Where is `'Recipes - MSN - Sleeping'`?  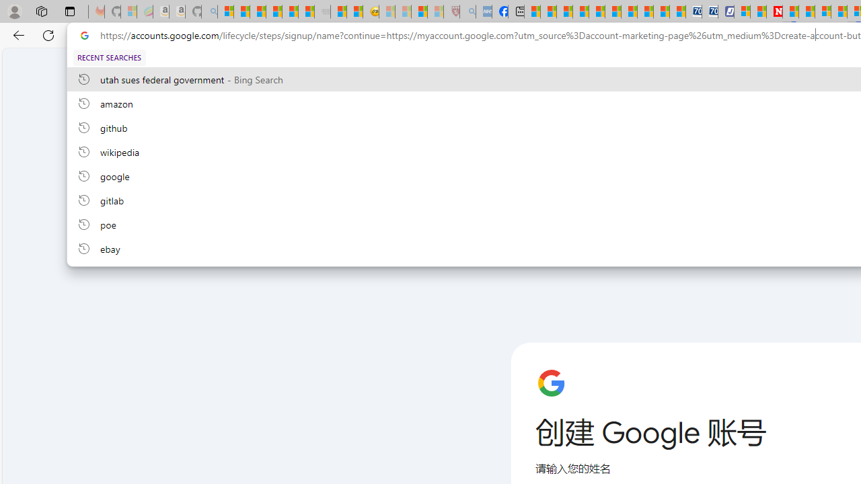 'Recipes - MSN - Sleeping' is located at coordinates (387, 11).